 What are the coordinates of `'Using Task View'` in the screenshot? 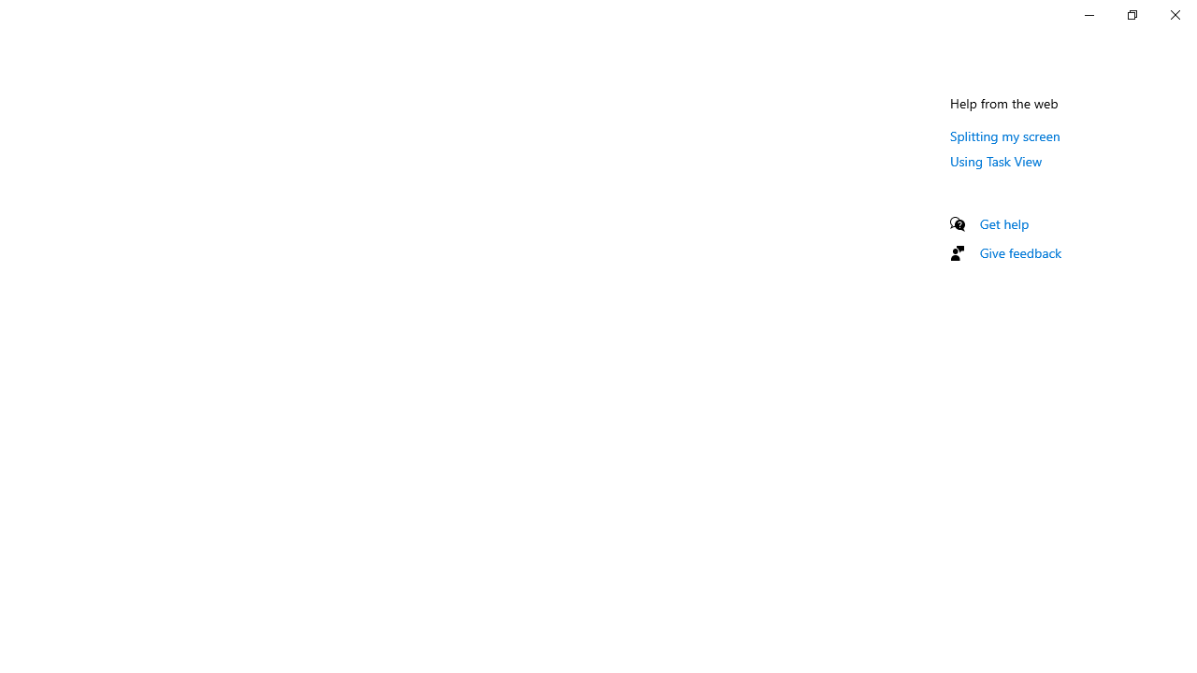 It's located at (995, 160).